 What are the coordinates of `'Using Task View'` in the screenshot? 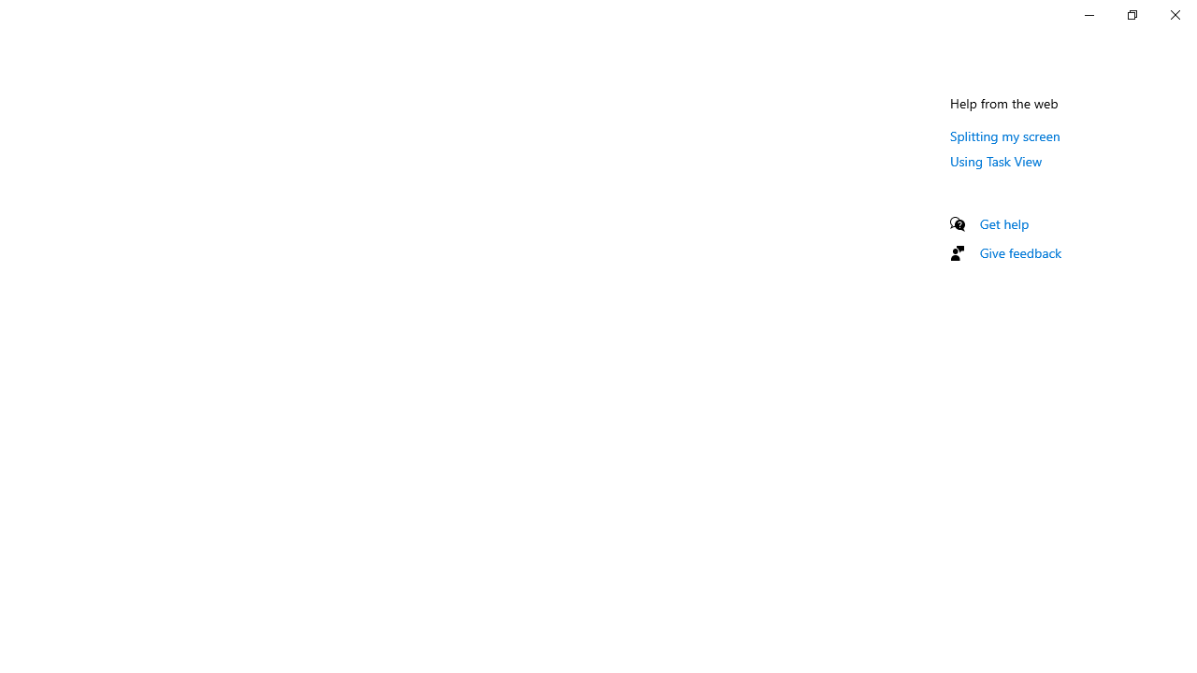 It's located at (995, 160).